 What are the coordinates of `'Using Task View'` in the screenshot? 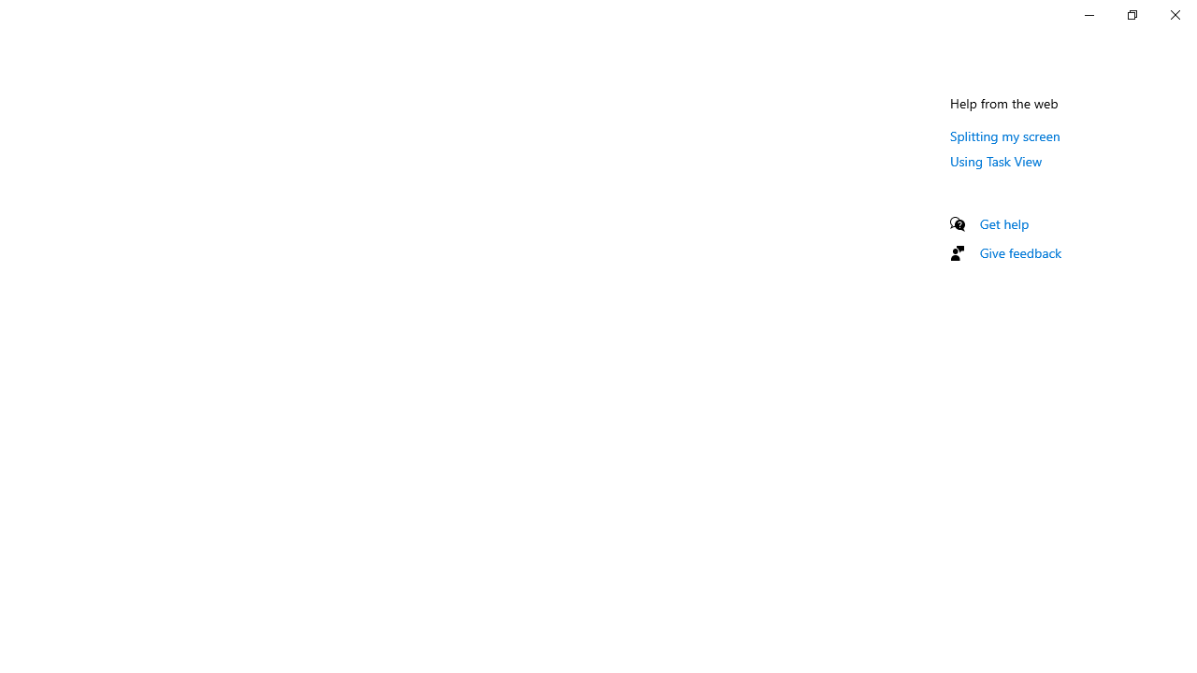 It's located at (995, 160).